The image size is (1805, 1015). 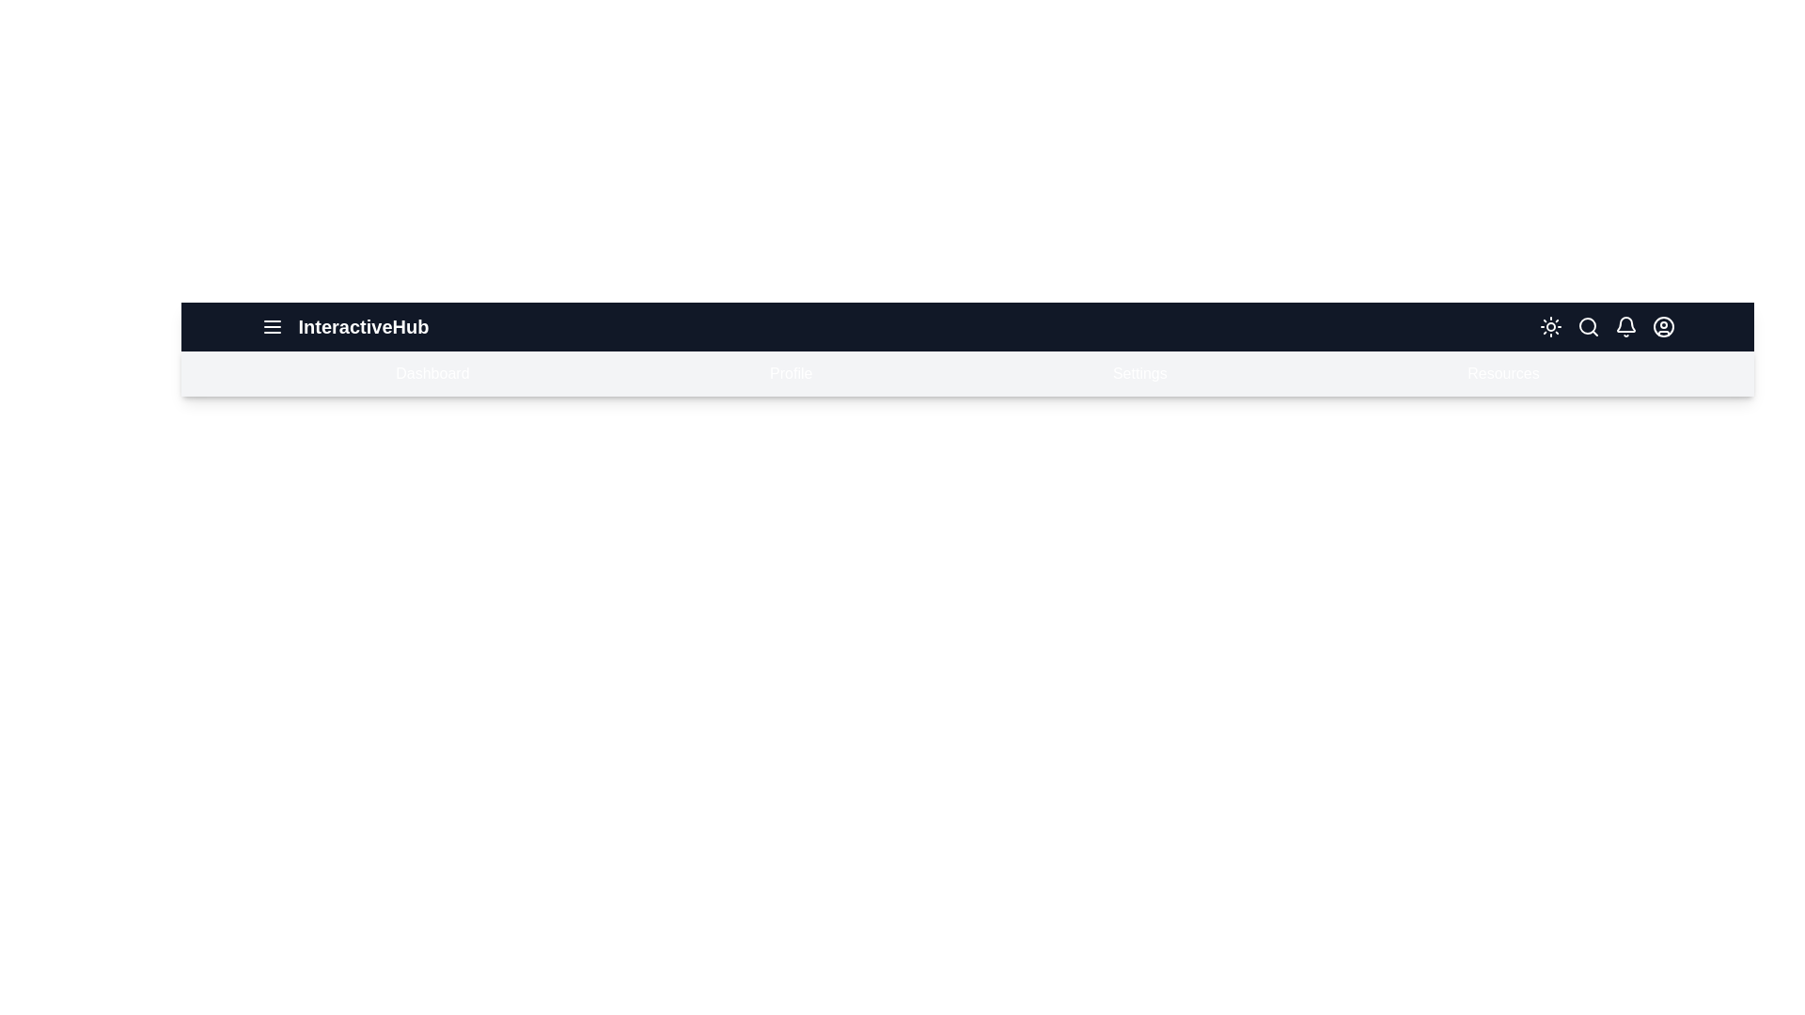 What do you see at coordinates (1550, 325) in the screenshot?
I see `the sun icon to switch to light mode` at bounding box center [1550, 325].